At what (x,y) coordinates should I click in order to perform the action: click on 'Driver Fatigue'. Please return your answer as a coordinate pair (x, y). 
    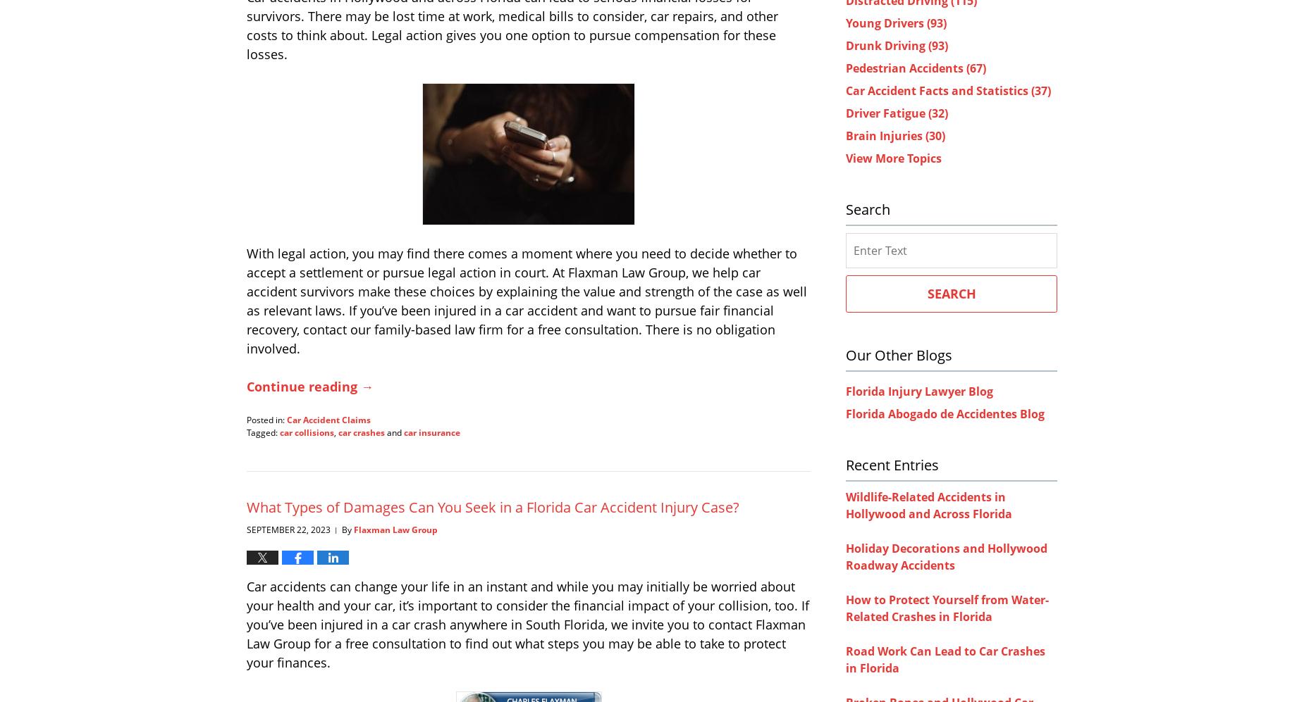
    Looking at the image, I should click on (886, 112).